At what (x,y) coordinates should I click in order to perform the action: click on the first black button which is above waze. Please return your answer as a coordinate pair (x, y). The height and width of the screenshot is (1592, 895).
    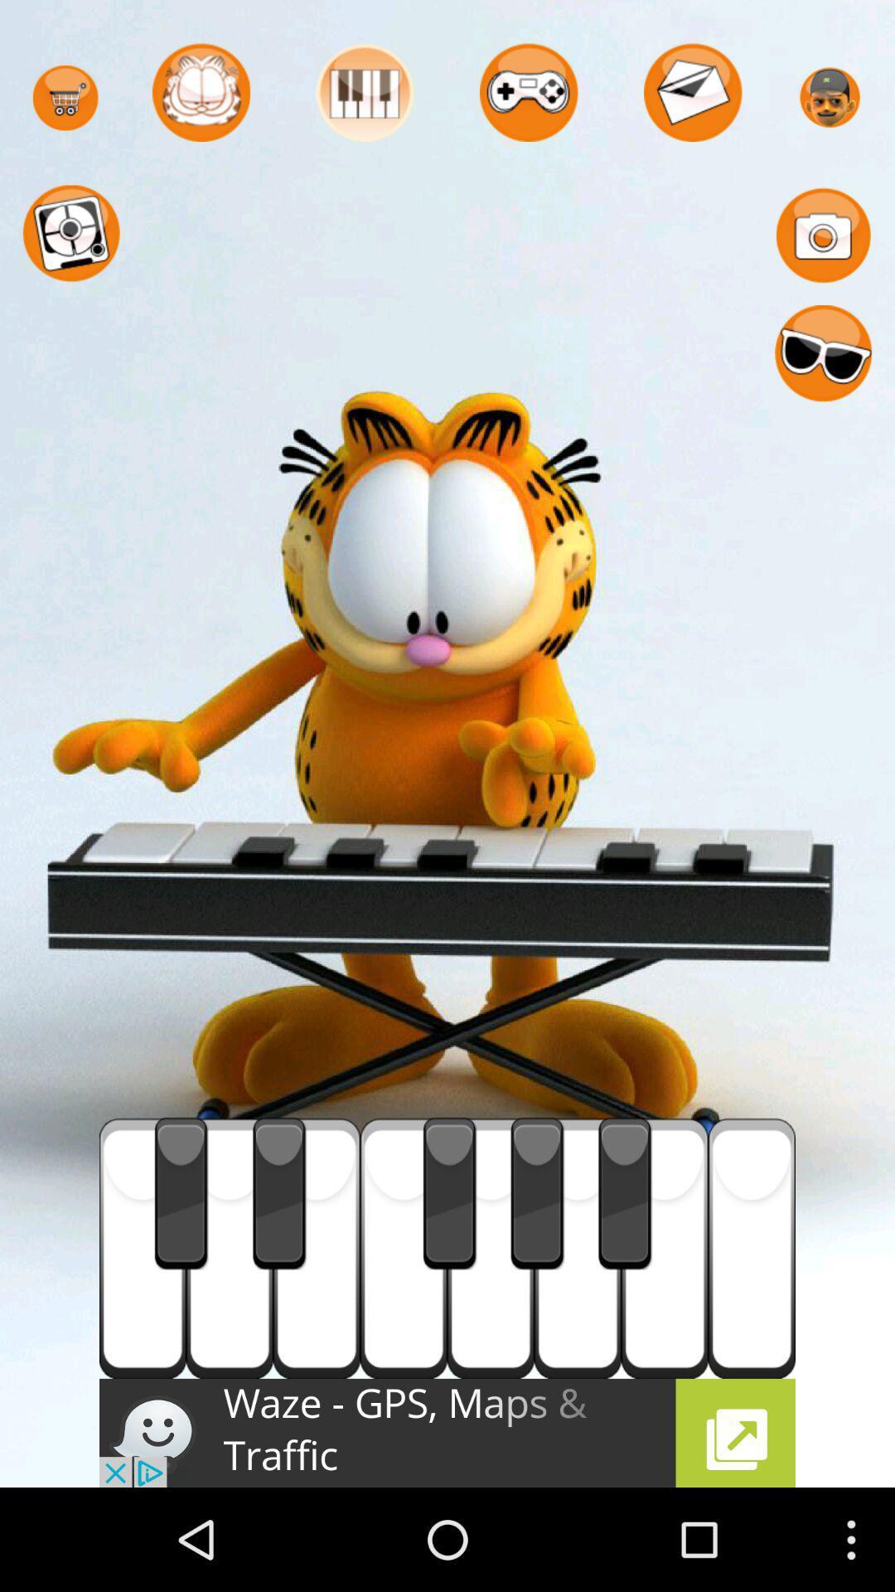
    Looking at the image, I should click on (181, 1194).